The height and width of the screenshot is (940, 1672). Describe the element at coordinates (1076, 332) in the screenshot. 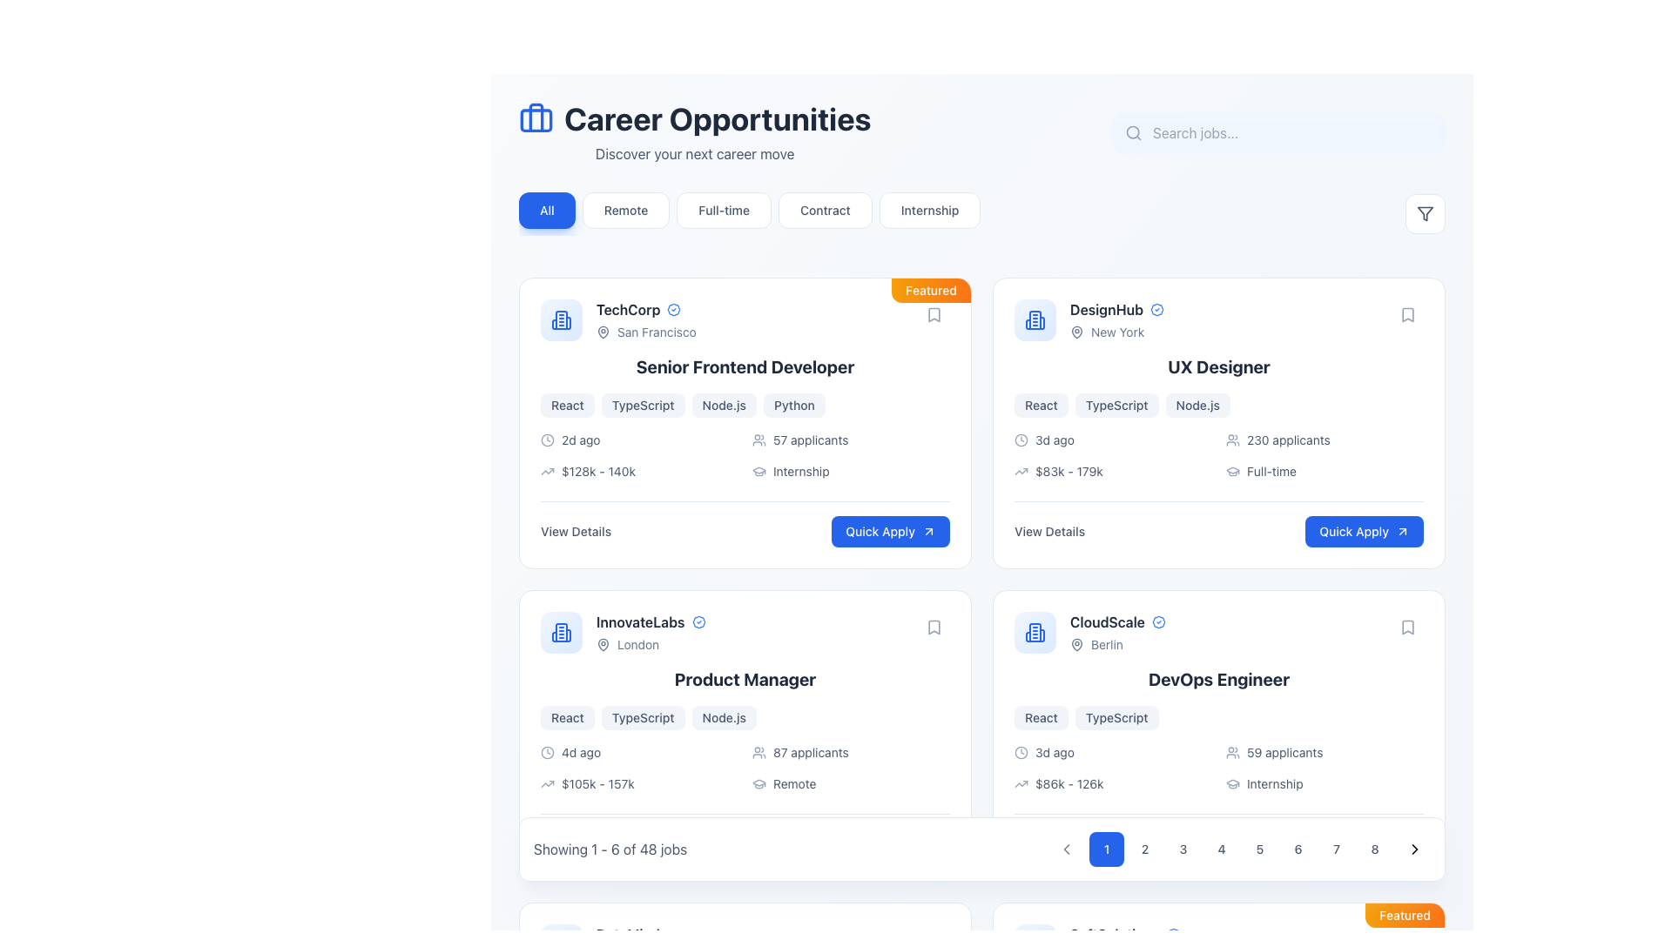

I see `the geographical location icon located to the left of the text 'New York' within the DesignHub card in the job postings grid` at that location.